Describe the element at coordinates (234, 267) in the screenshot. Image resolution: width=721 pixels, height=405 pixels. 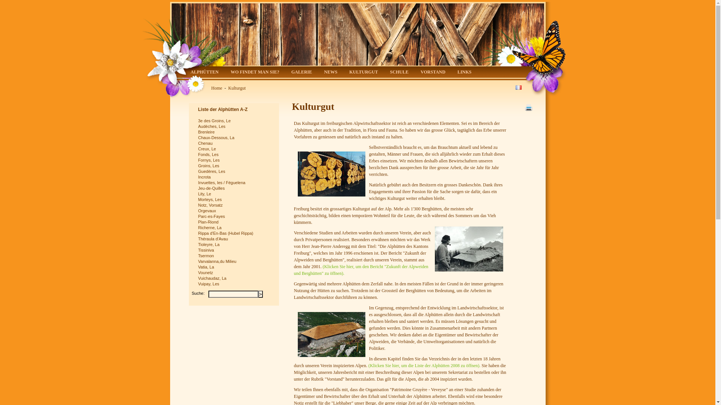
I see `'Vatia, La'` at that location.